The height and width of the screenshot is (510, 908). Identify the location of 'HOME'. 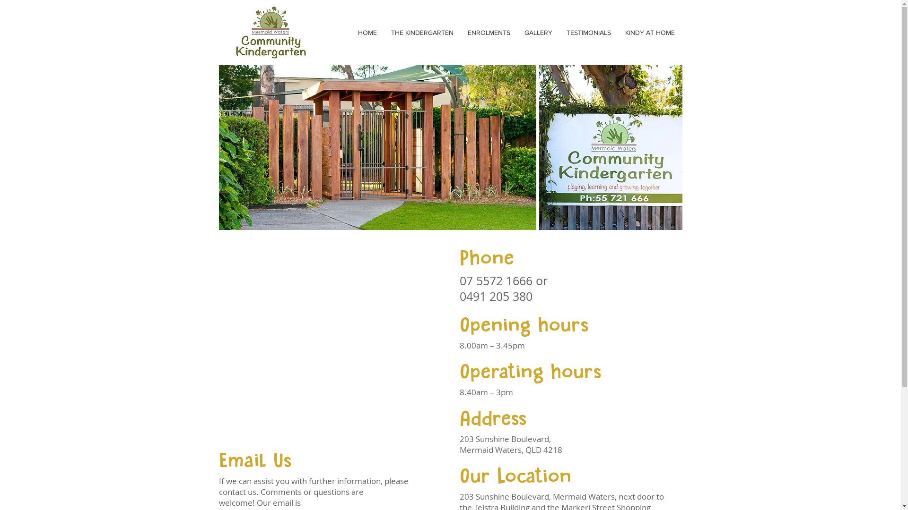
(367, 32).